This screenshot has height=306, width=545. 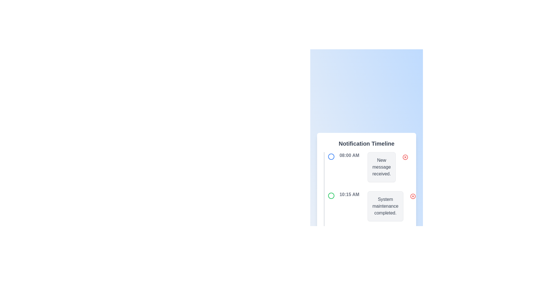 I want to click on the green circular icon with a white center that indicates a status or event, located to the left of the text '10:15 AM' in the notification timeline, so click(x=331, y=195).